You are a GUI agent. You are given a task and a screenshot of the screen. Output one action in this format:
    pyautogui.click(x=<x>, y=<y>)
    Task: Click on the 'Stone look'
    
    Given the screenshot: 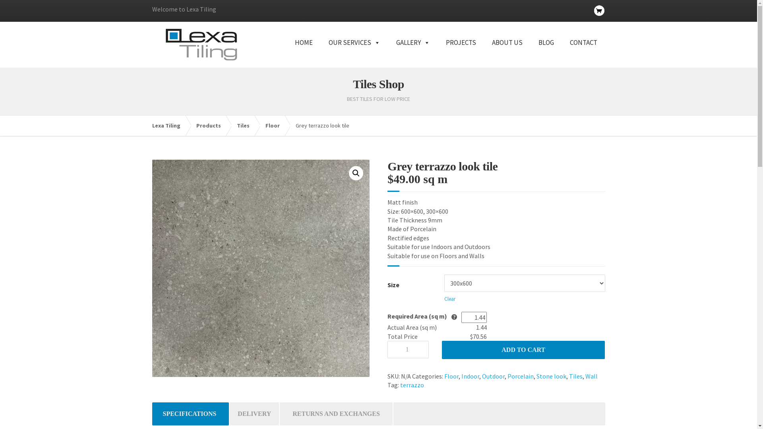 What is the action you would take?
    pyautogui.click(x=536, y=376)
    